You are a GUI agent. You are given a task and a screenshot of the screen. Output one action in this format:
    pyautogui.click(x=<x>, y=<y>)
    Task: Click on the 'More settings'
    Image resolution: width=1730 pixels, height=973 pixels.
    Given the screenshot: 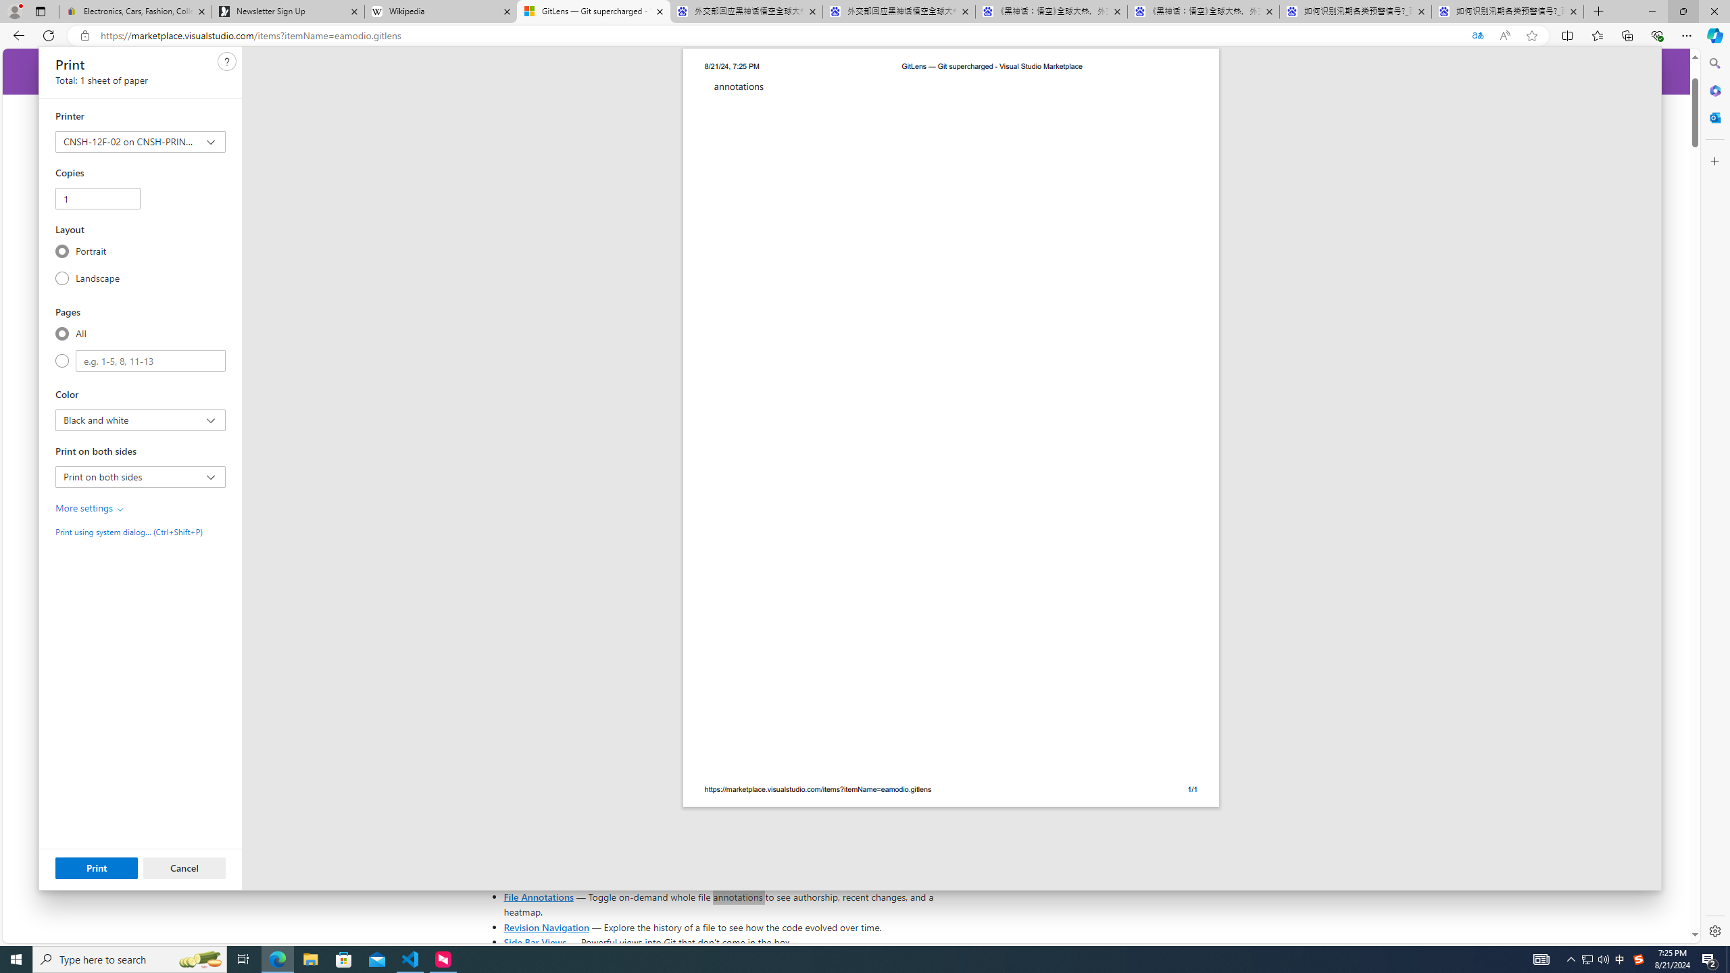 What is the action you would take?
    pyautogui.click(x=91, y=507)
    